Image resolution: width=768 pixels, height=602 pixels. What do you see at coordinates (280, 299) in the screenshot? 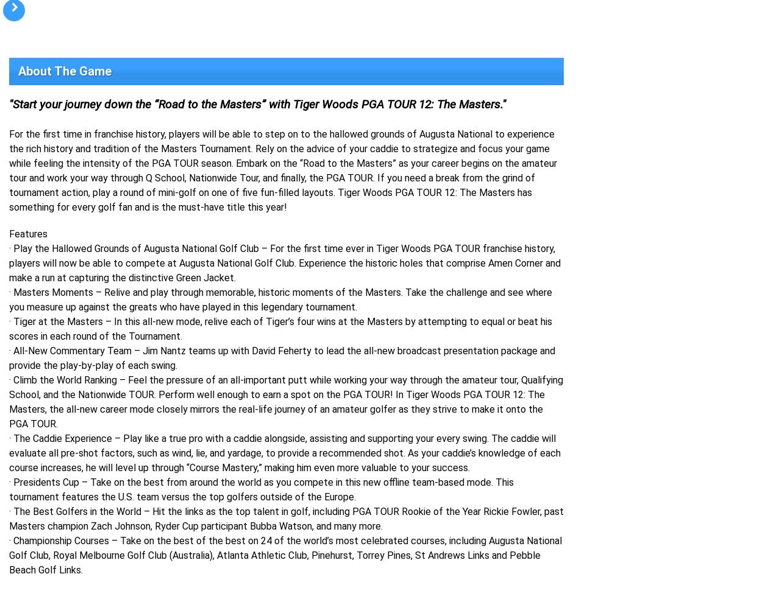
I see `'· Masters Moments – Relive and play through memorable, historic moments of the Masters. Take the challenge and see where you measure up against the greats who have played in this legendary tournament.'` at bounding box center [280, 299].